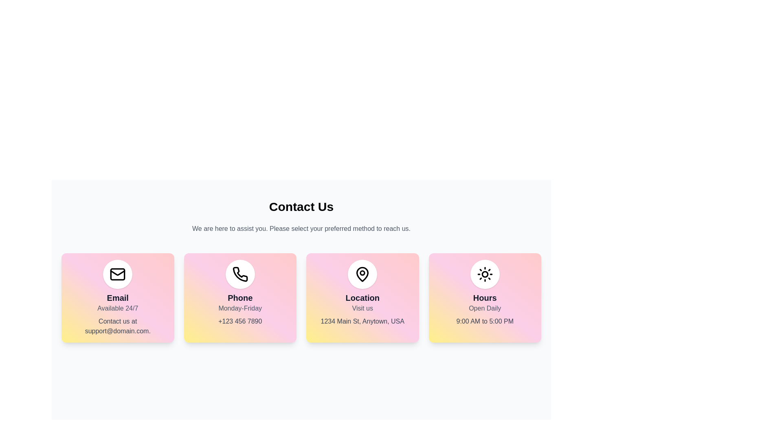 The image size is (782, 439). What do you see at coordinates (239, 309) in the screenshot?
I see `the text label displaying 'Monday-Friday' located under the header 'Phone' and above the text '+123 456 7890'` at bounding box center [239, 309].